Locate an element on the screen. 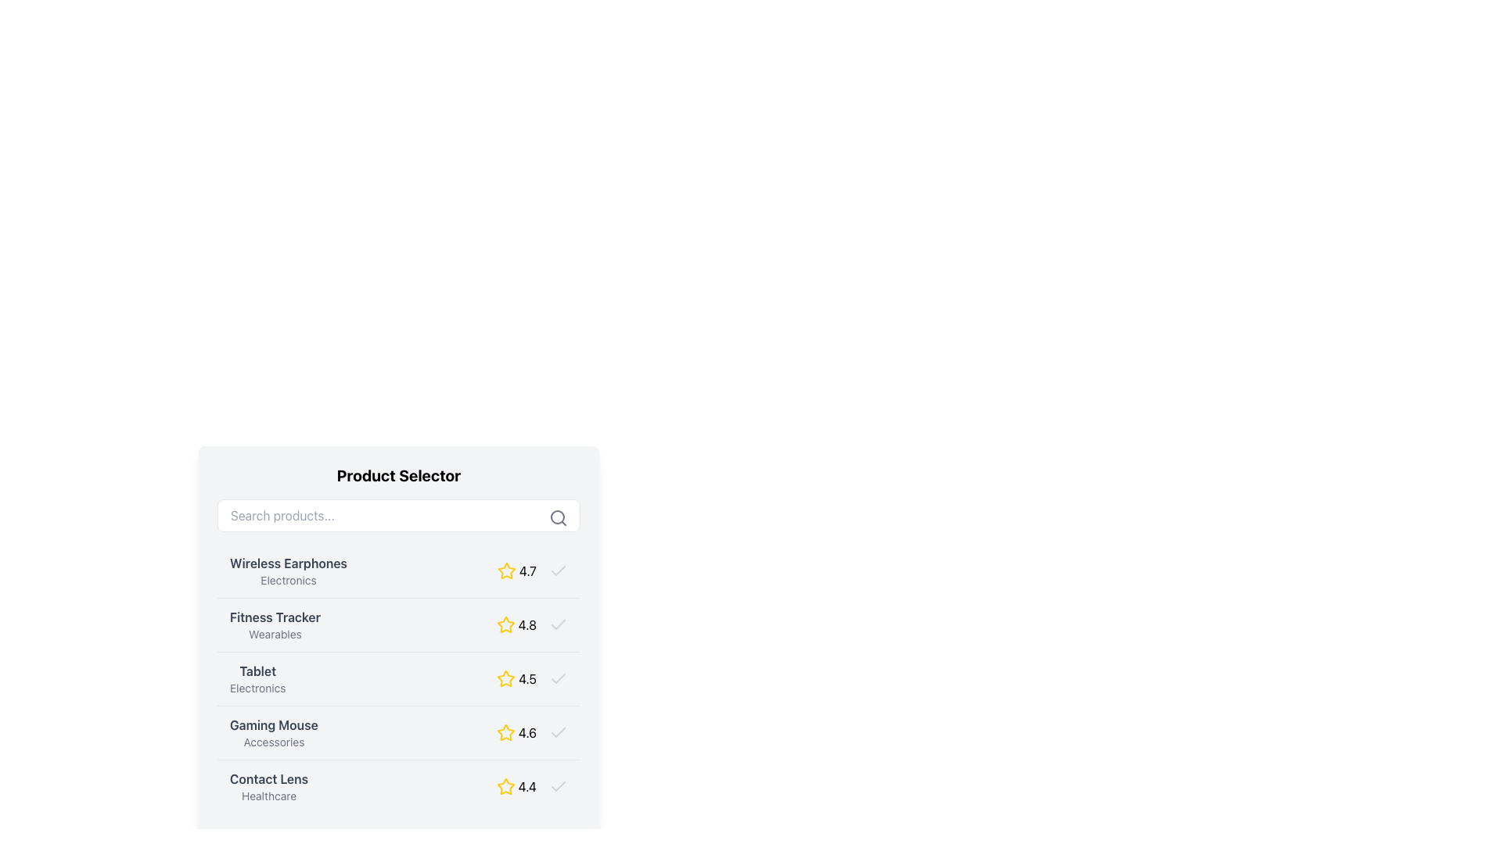  the 'Gaming Mouse' label, which provides information about a product under the 'Accessories' category is located at coordinates (274, 732).